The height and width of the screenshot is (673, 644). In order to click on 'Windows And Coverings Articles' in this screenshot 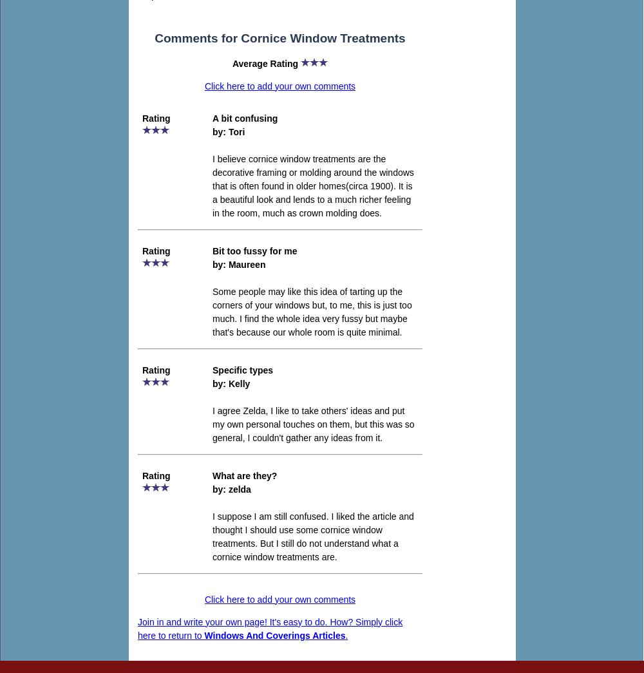, I will do `click(274, 634)`.